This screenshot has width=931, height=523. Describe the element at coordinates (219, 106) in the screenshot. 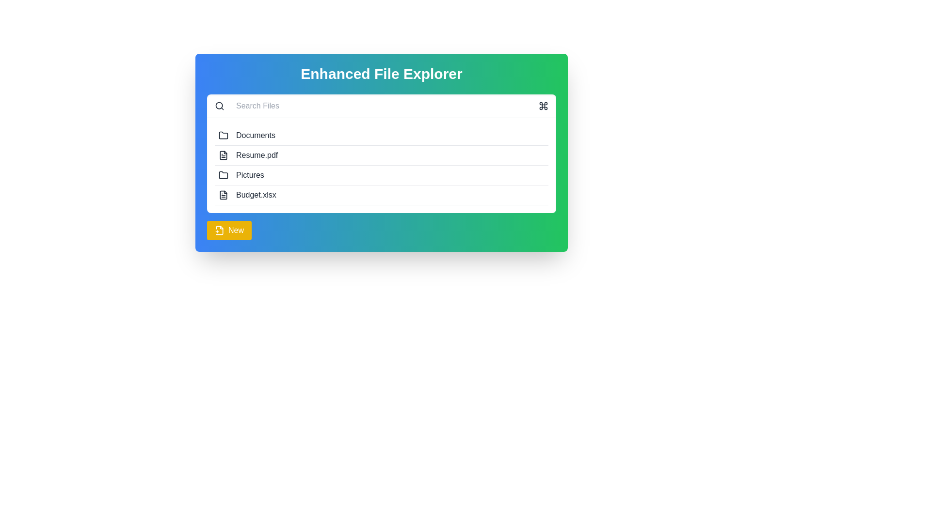

I see `the magnifying glass icon used for search, located immediately to the left of the search text box in the 'Enhanced File Explorer' interface` at that location.